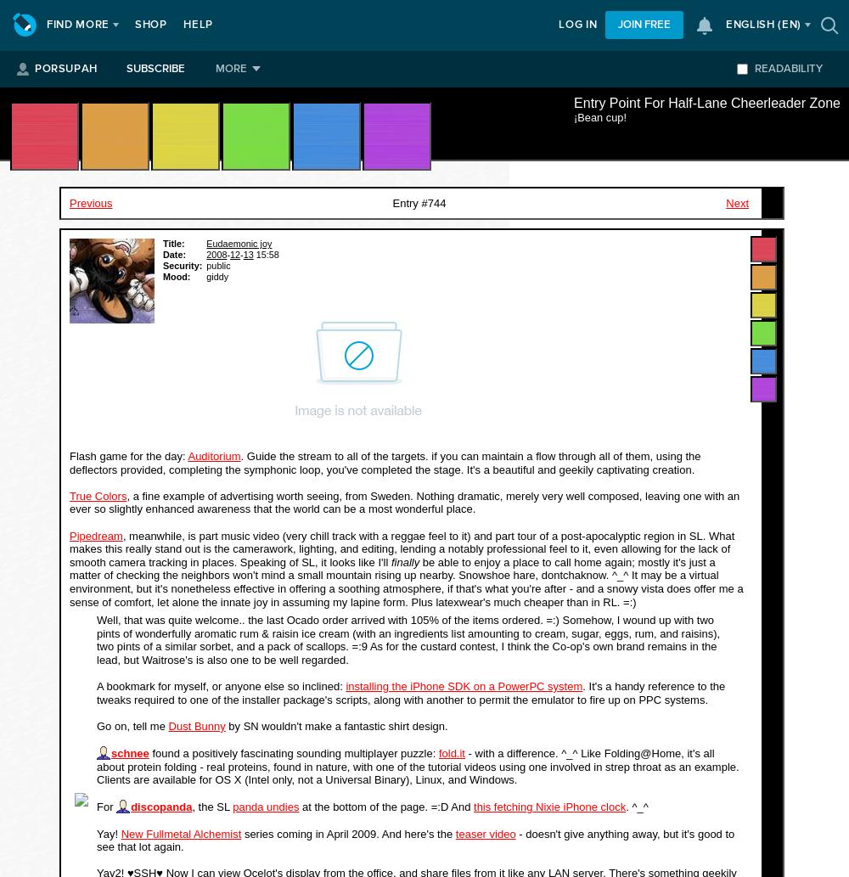 Image resolution: width=849 pixels, height=877 pixels. I want to click on 'A bookmark for myself, or anyone else so inclined:', so click(221, 686).